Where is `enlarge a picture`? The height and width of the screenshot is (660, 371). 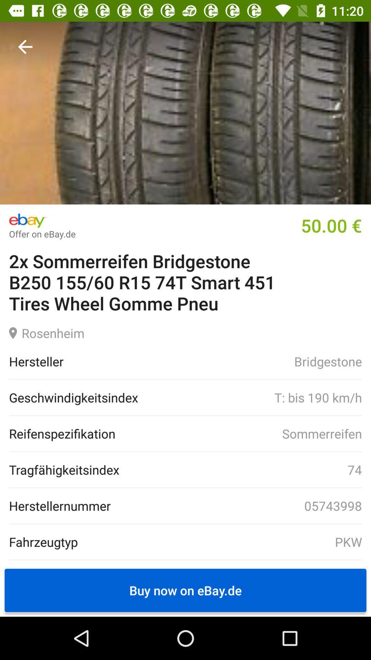
enlarge a picture is located at coordinates (185, 113).